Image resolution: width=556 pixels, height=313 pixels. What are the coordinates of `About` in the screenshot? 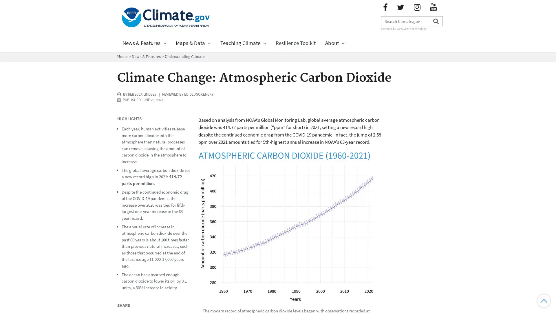 It's located at (335, 42).